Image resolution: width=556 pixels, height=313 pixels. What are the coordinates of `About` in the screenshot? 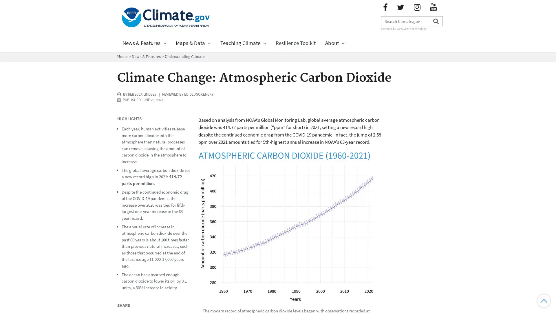 It's located at (335, 42).